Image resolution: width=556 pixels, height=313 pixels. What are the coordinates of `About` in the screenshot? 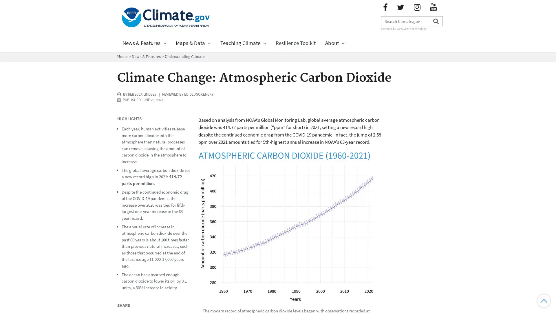 It's located at (335, 42).